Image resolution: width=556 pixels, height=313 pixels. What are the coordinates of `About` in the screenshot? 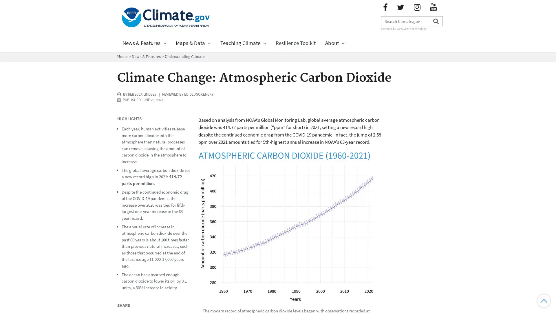 It's located at (335, 42).